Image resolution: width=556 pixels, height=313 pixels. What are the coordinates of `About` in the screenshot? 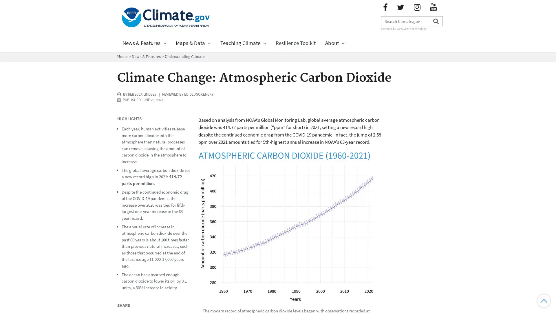 It's located at (335, 42).